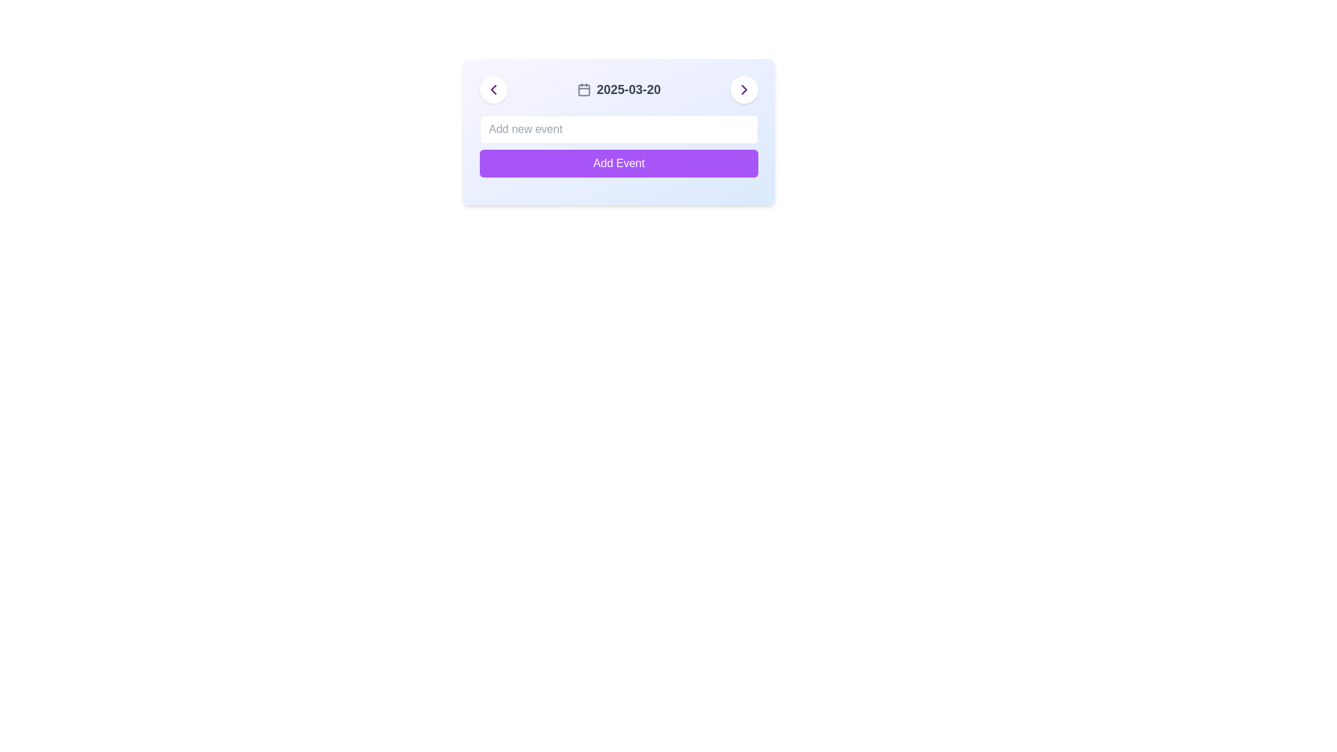 This screenshot has height=752, width=1337. What do you see at coordinates (744, 89) in the screenshot?
I see `the Icon button with a chevron symbol located at the far-right side of the header section next to the displayed date text '2025-03-20'` at bounding box center [744, 89].